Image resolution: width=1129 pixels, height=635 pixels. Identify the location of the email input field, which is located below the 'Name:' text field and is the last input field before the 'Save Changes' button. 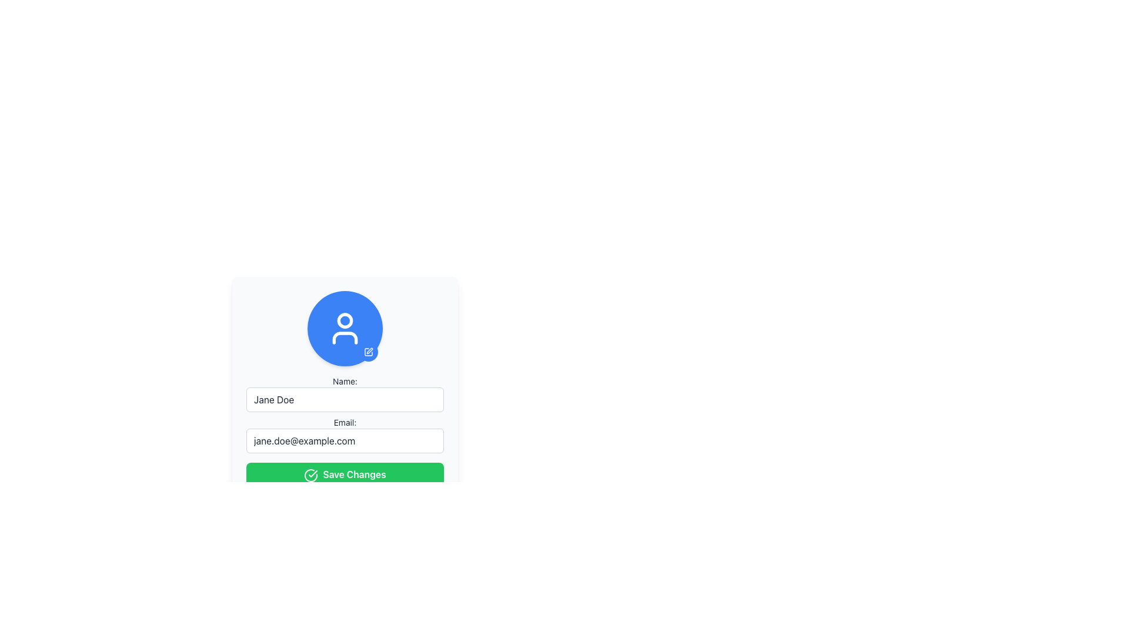
(344, 435).